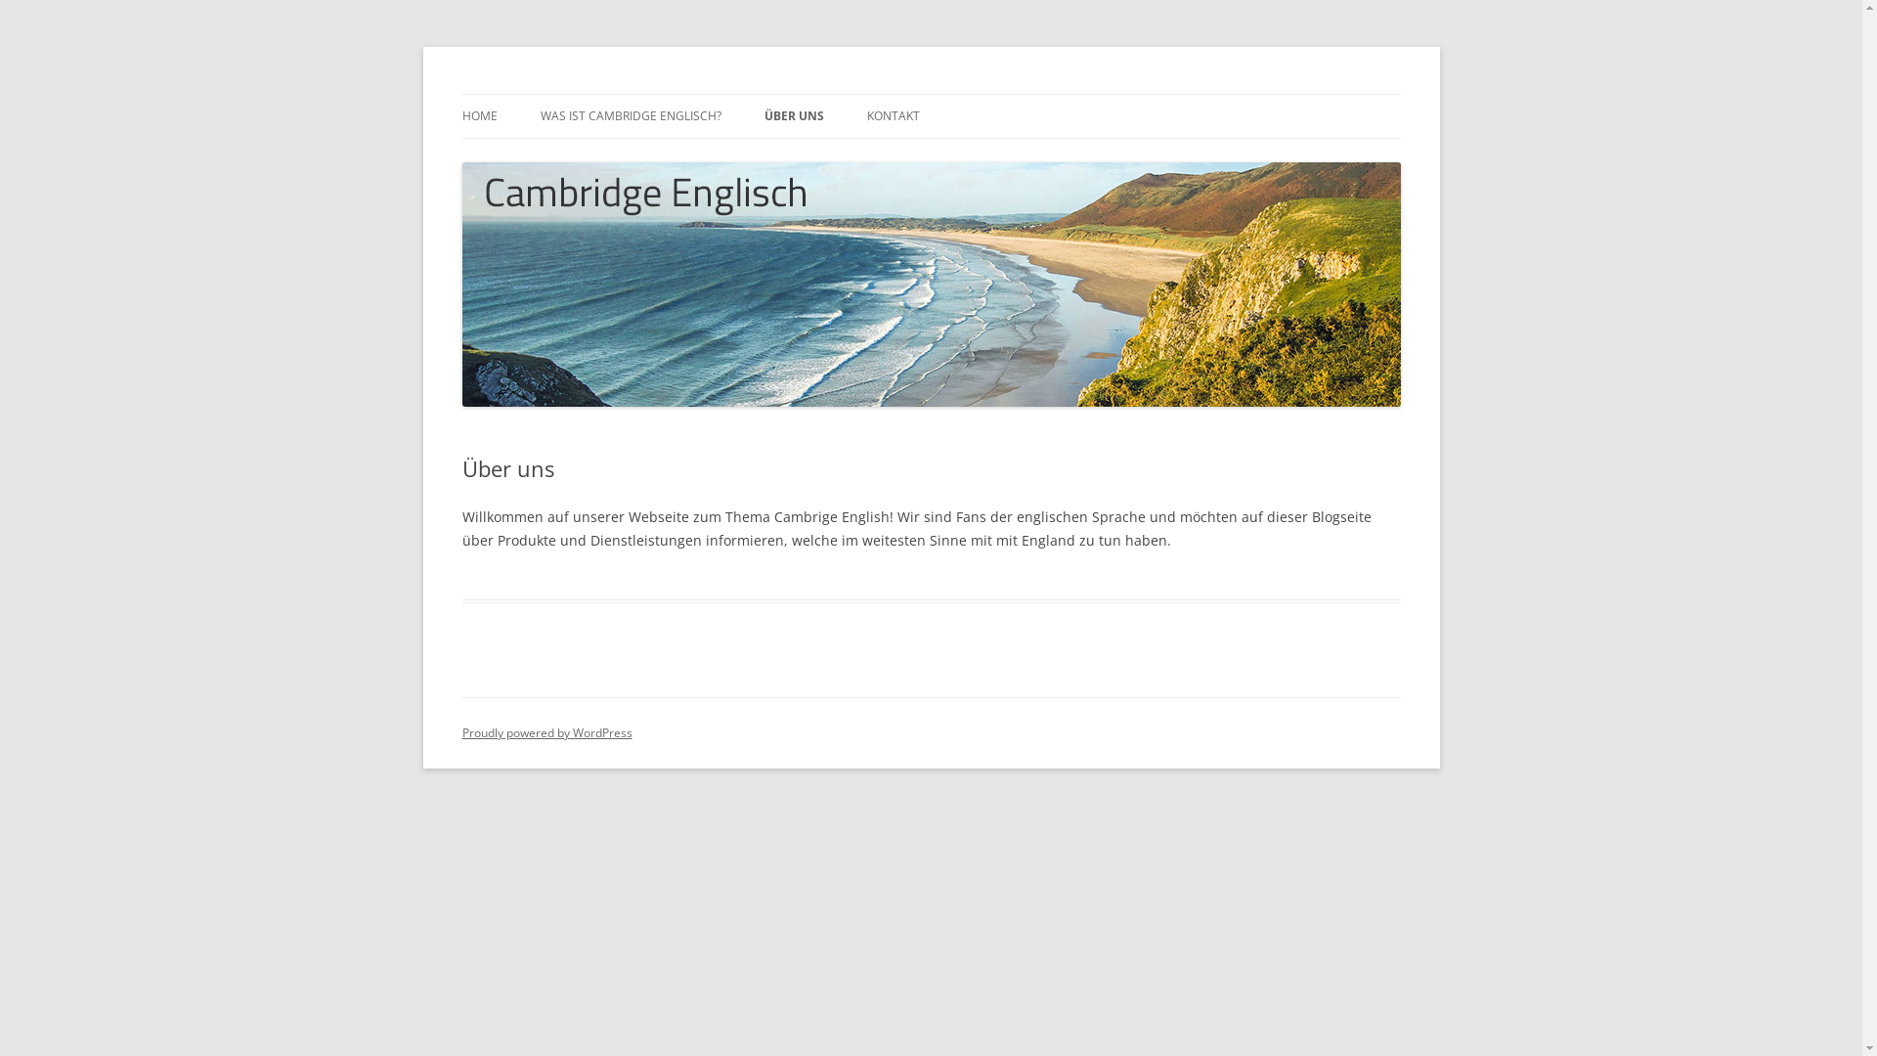 The height and width of the screenshot is (1056, 1877). I want to click on 'WAS IST CAMBRIDGE ENGLISCH?', so click(630, 116).